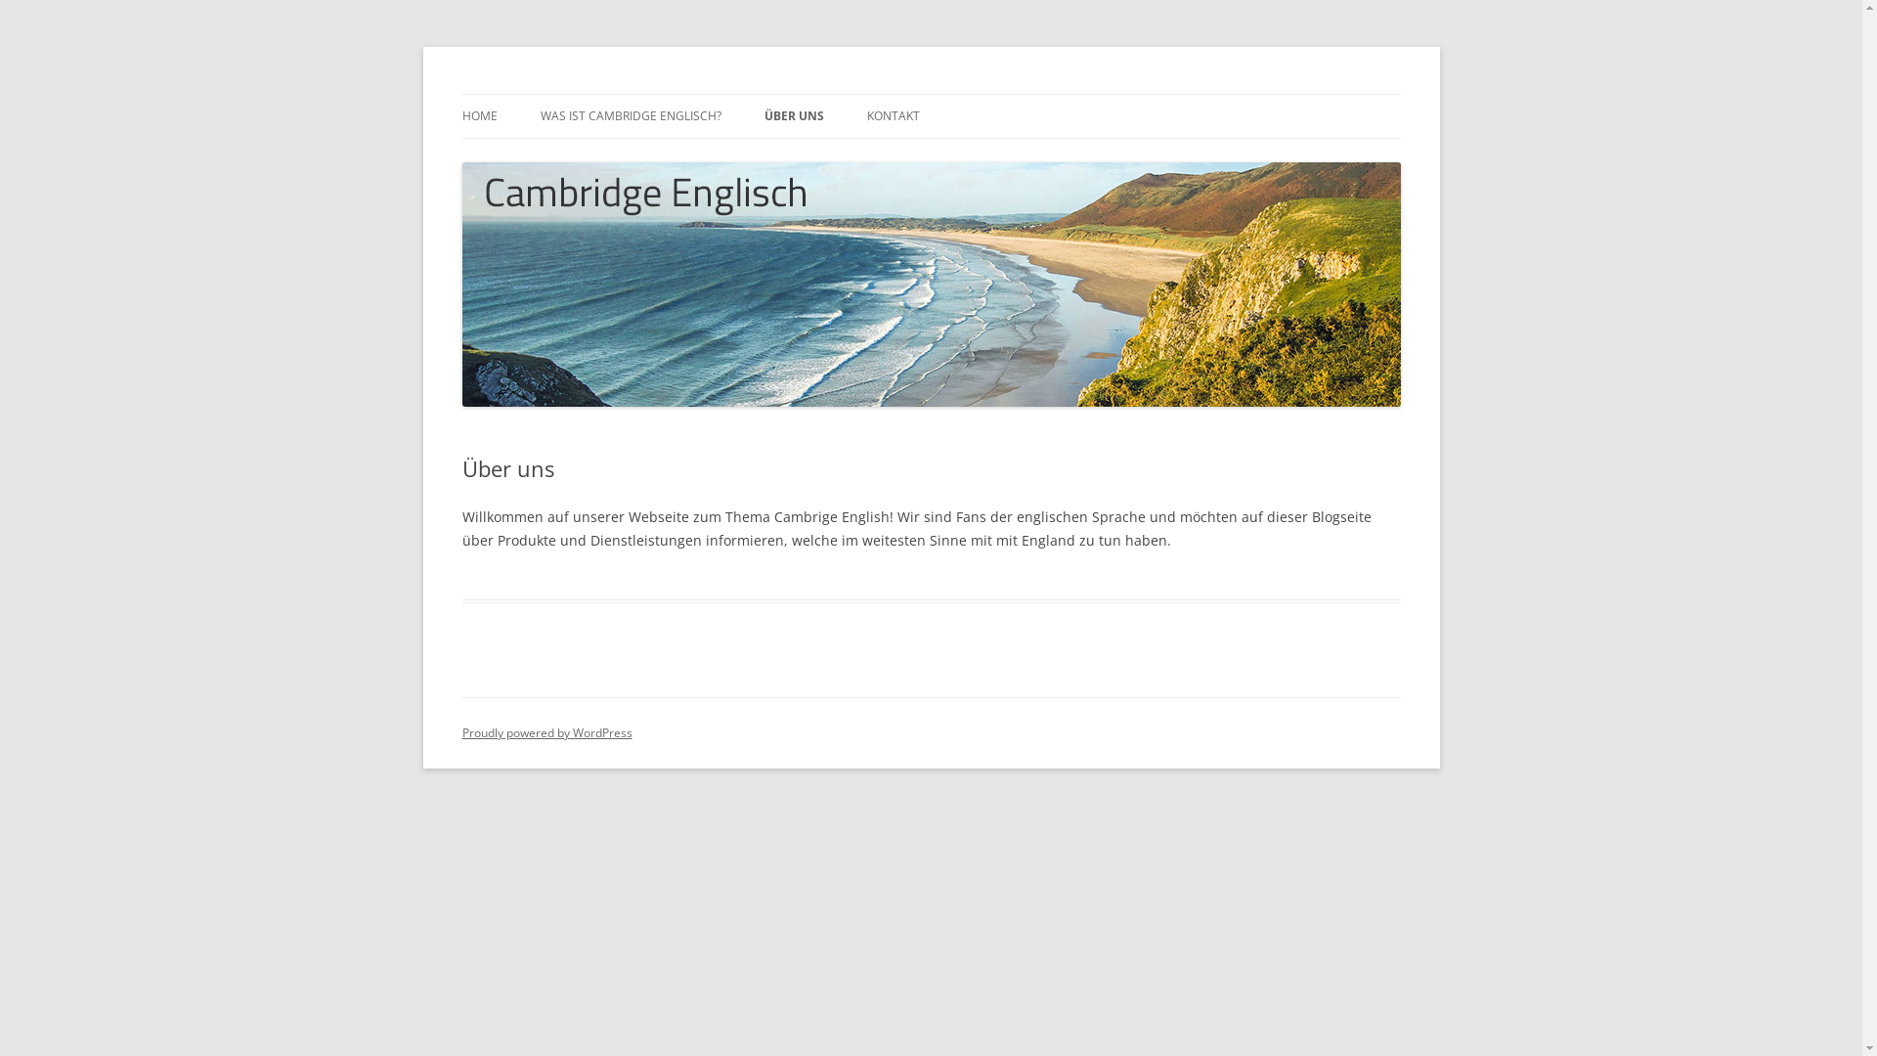 The height and width of the screenshot is (1056, 1877). I want to click on 'WAS IST CAMBRIDGE ENGLISCH?', so click(630, 116).